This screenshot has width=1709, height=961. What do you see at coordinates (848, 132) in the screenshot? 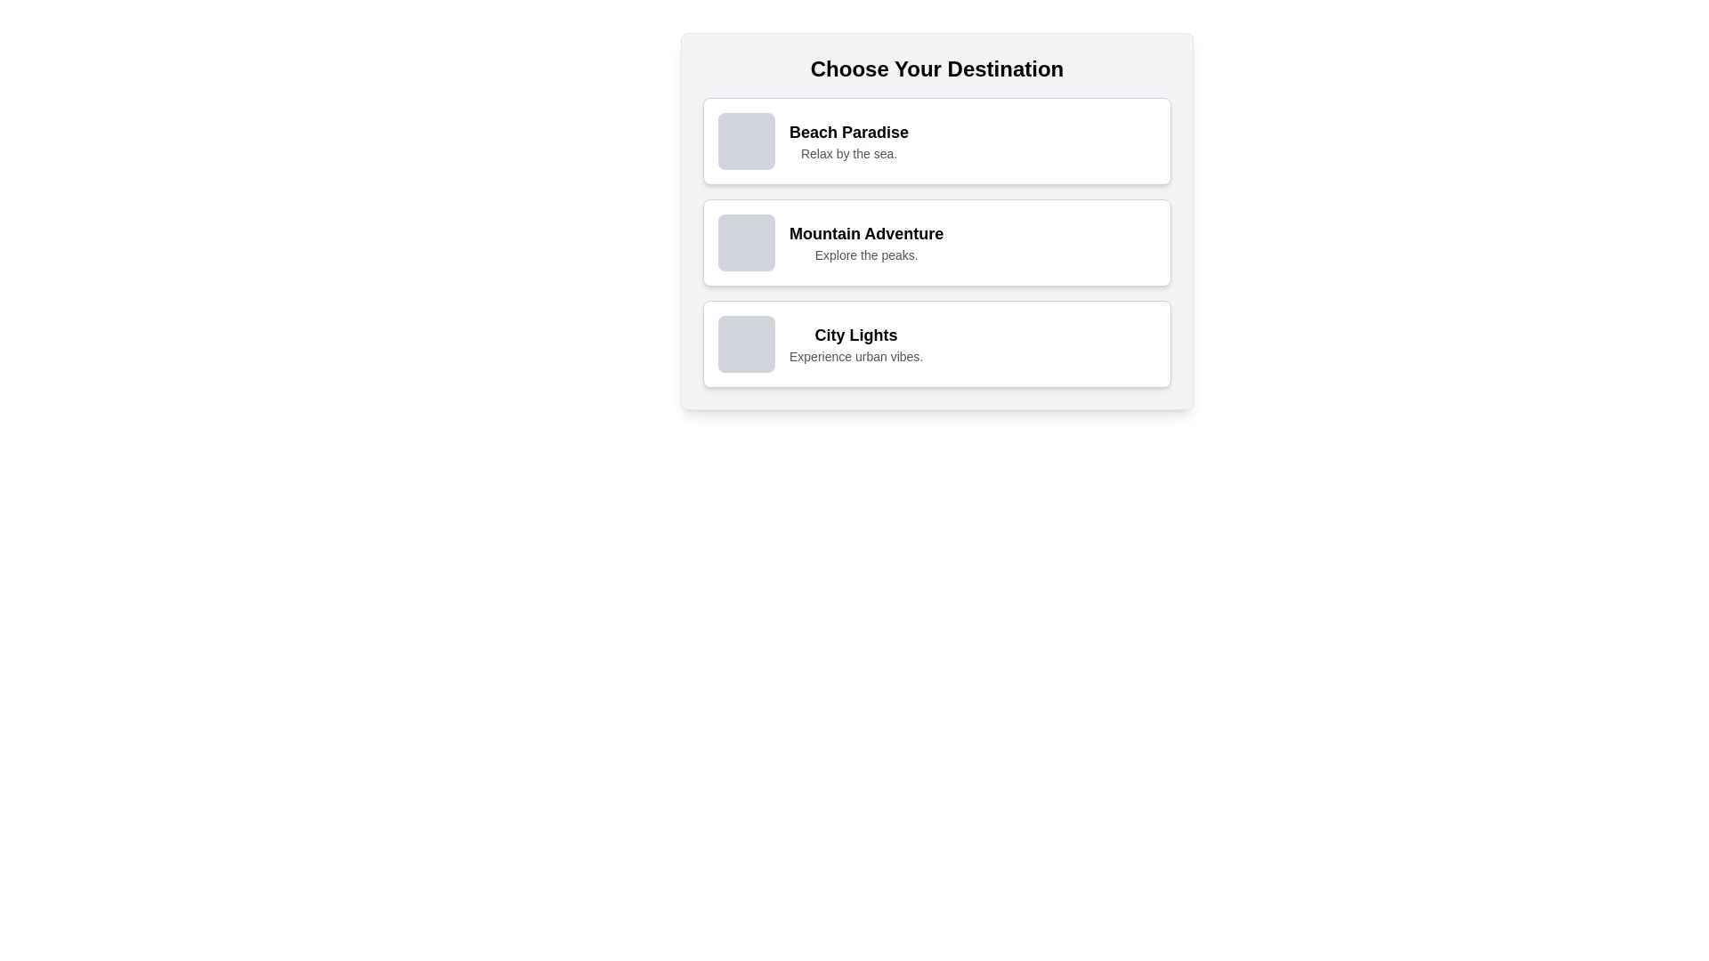
I see `the Text Label that serves as the title for its containing card, positioned at the top-left quadrant and above the descriptive text 'Relax by the sea.'` at bounding box center [848, 132].